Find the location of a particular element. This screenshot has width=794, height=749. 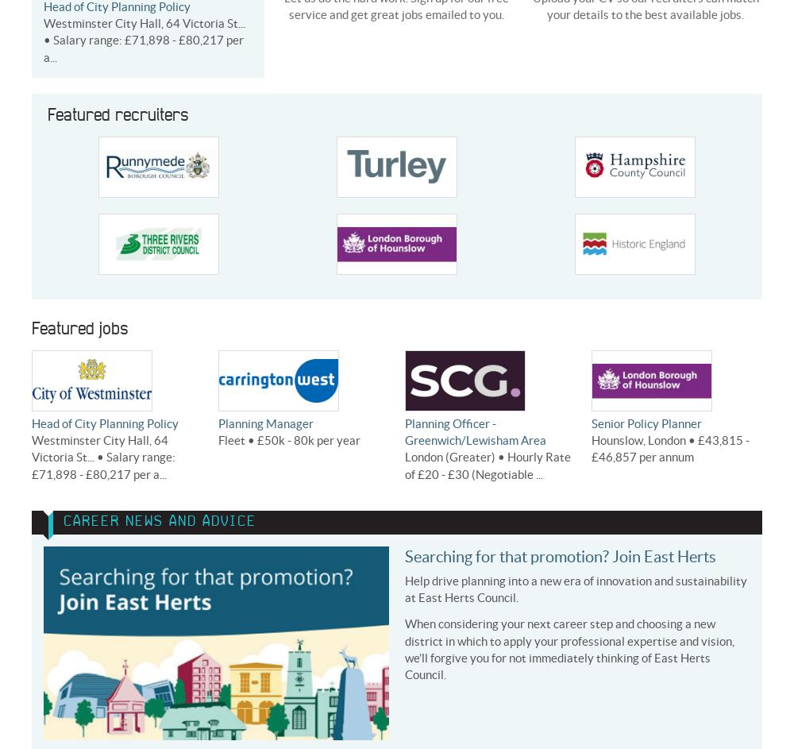

'Help drive planning into a new era of innovation and sustainability at East Herts Council.' is located at coordinates (575, 589).